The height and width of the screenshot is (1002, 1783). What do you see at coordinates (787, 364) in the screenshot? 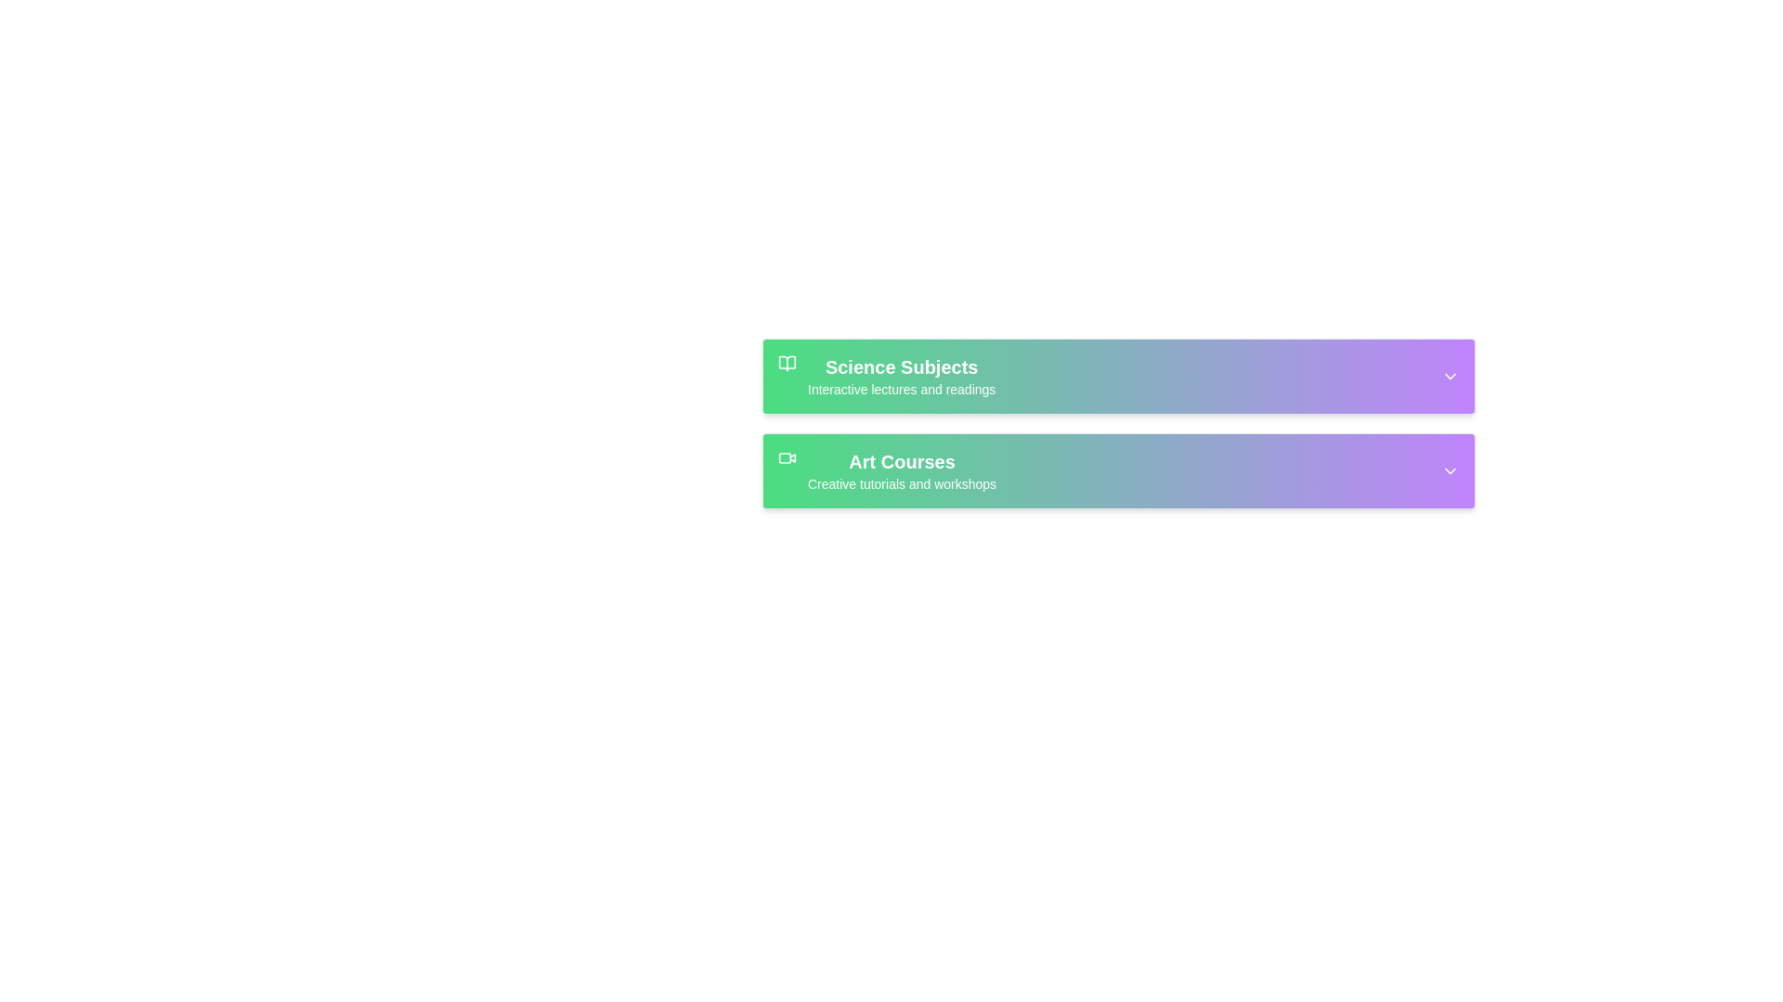
I see `the book icon on the 'Science Subjects' card located at the top-left side, to the left of the card's title text, passively` at bounding box center [787, 364].